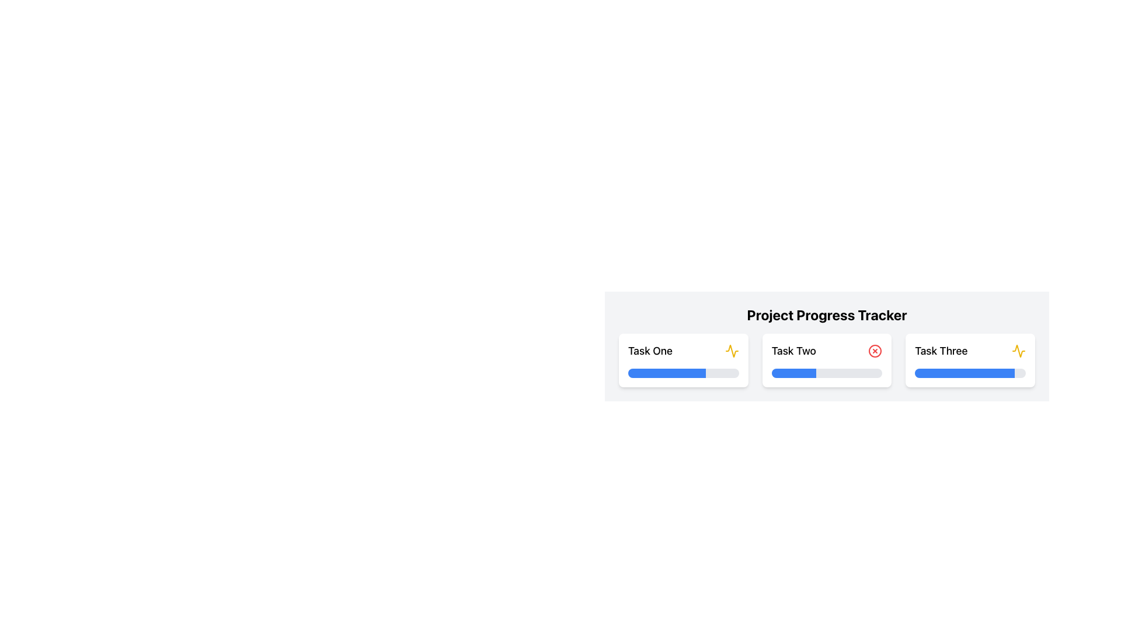 Image resolution: width=1121 pixels, height=630 pixels. Describe the element at coordinates (683, 373) in the screenshot. I see `the progress bar with a light gray background and blue fill, located within the 'Task One' card, below the title text` at that location.